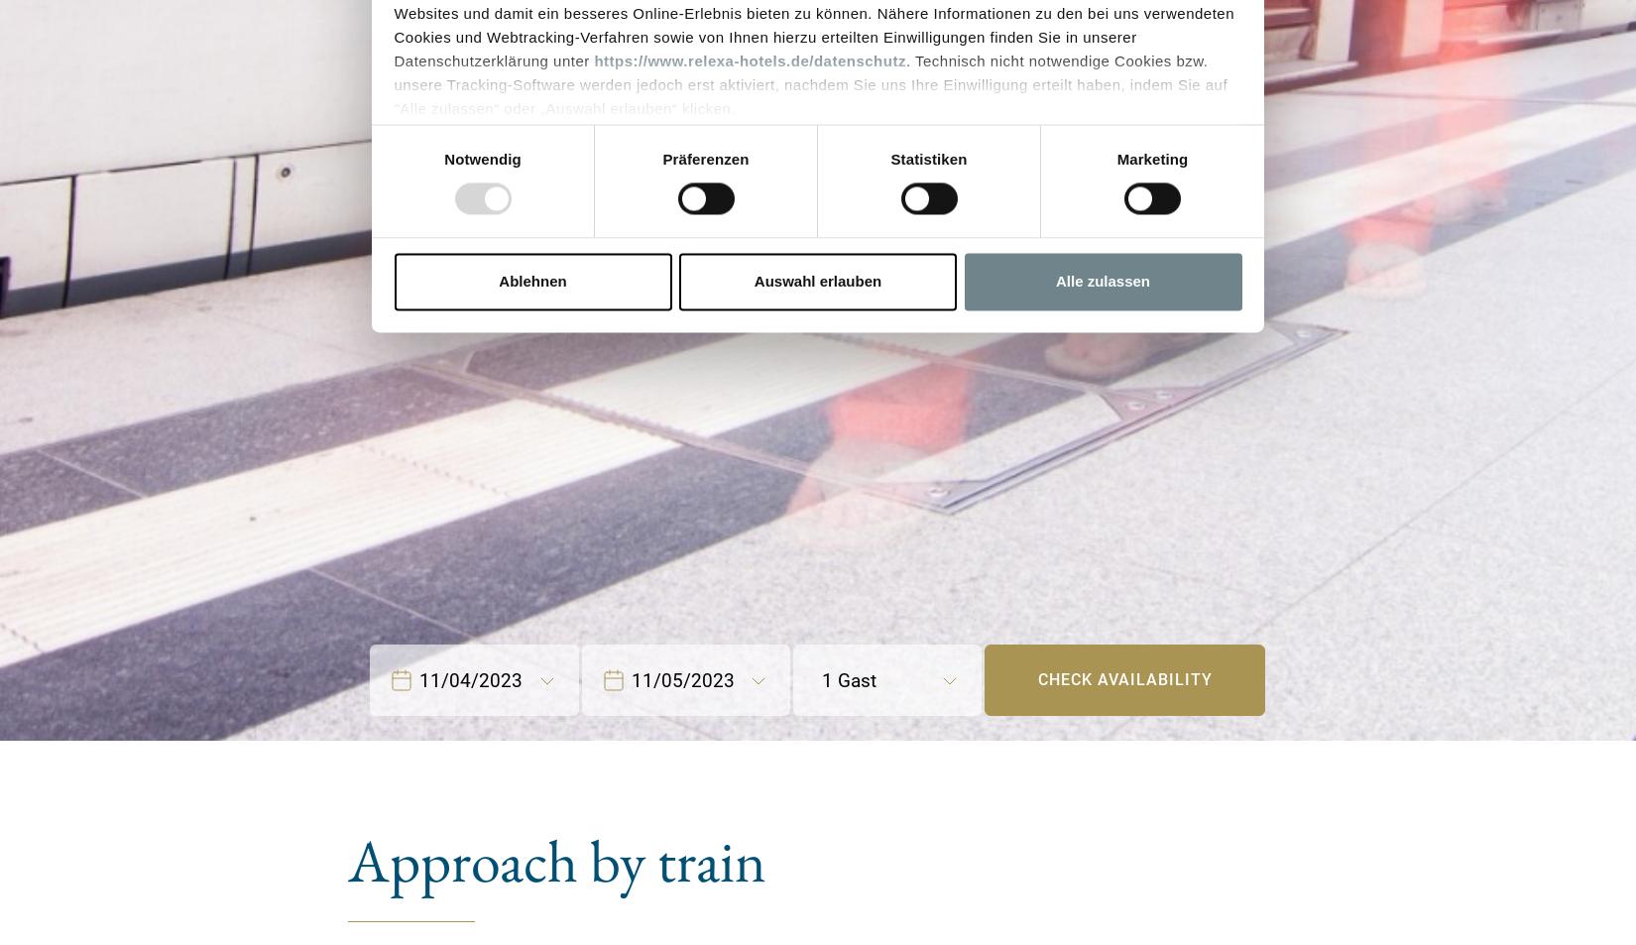 Image resolution: width=1636 pixels, height=945 pixels. I want to click on 'Approach by train', so click(555, 864).